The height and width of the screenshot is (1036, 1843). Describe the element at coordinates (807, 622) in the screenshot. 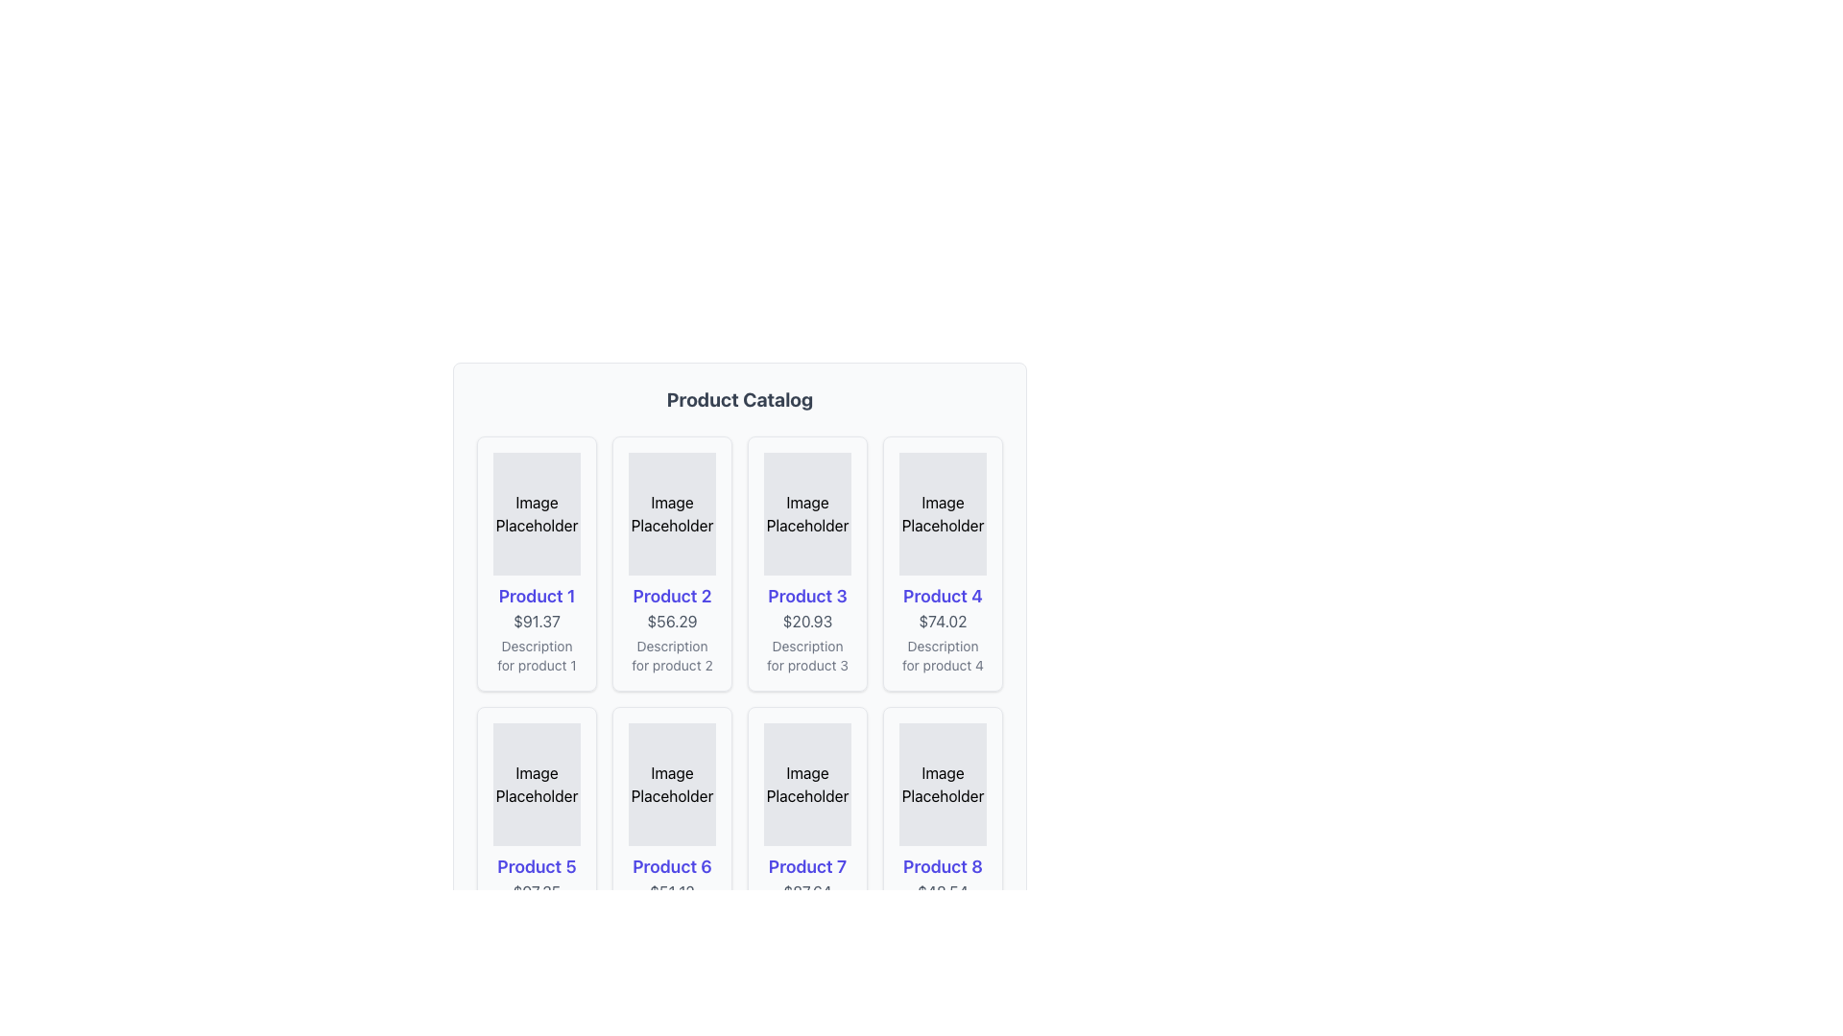

I see `the text element displaying the price '$20.93' in a subdued gray font, which is located below the product name 'Product 3'` at that location.